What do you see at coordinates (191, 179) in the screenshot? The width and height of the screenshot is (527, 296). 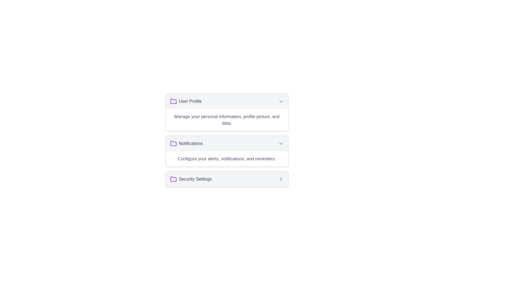 I see `the 'Security Settings' menu item, which features a purple folder icon on the left and gray text` at bounding box center [191, 179].